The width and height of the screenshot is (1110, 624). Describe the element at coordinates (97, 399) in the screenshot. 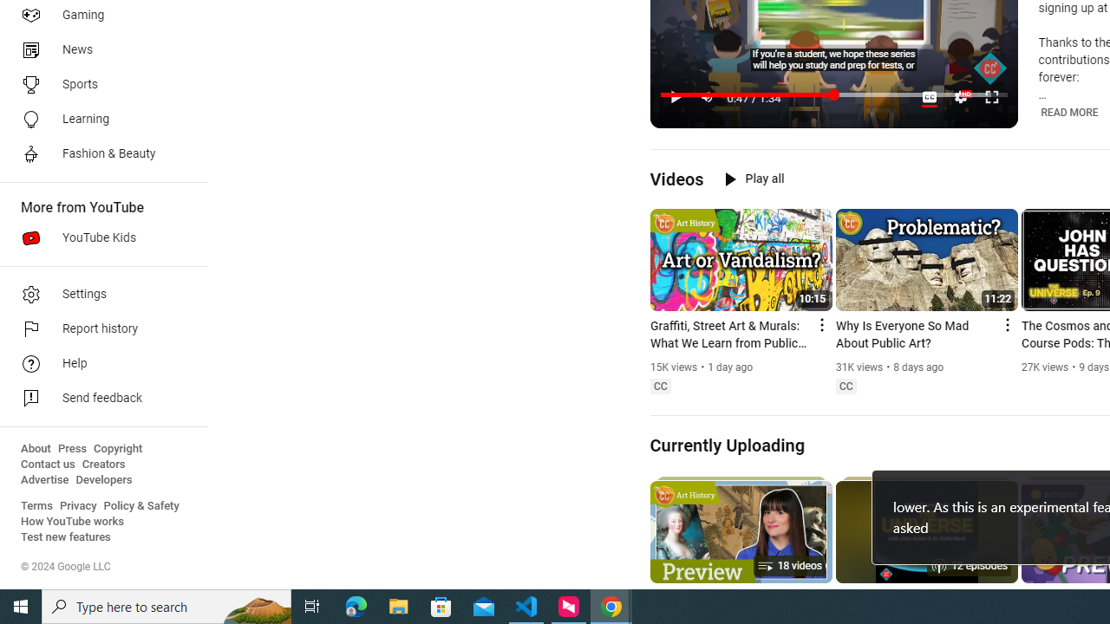

I see `'Send feedback'` at that location.